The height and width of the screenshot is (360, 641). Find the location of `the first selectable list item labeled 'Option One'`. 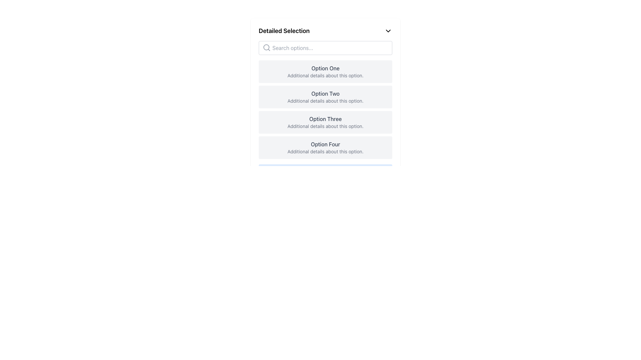

the first selectable list item labeled 'Option One' is located at coordinates (325, 72).